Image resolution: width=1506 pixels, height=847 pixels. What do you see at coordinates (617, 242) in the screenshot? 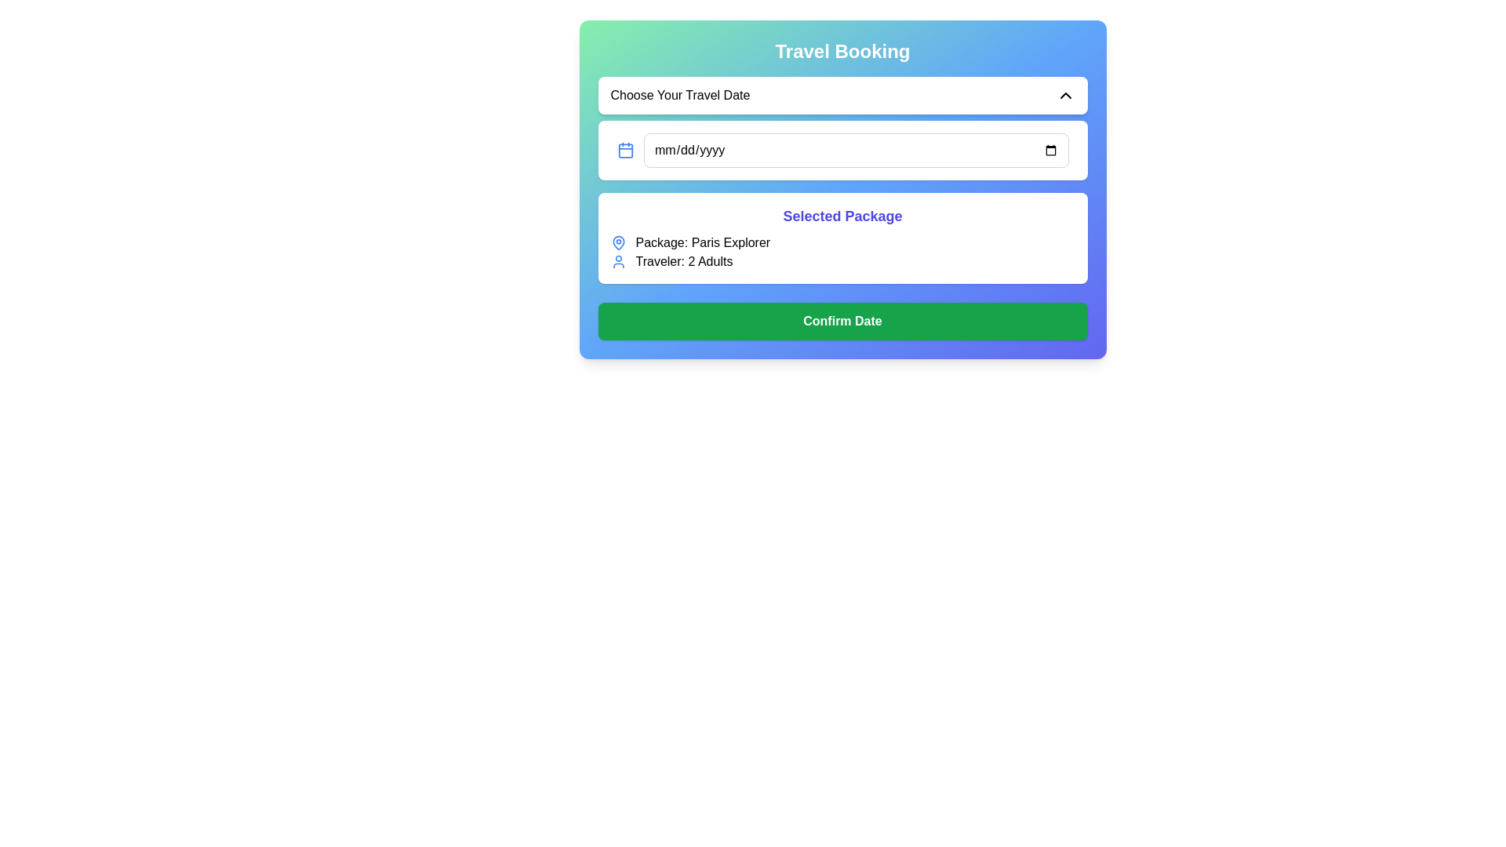
I see `the blue map pin icon located to the left of the text labeled 'Package: Paris Explorer'` at bounding box center [617, 242].